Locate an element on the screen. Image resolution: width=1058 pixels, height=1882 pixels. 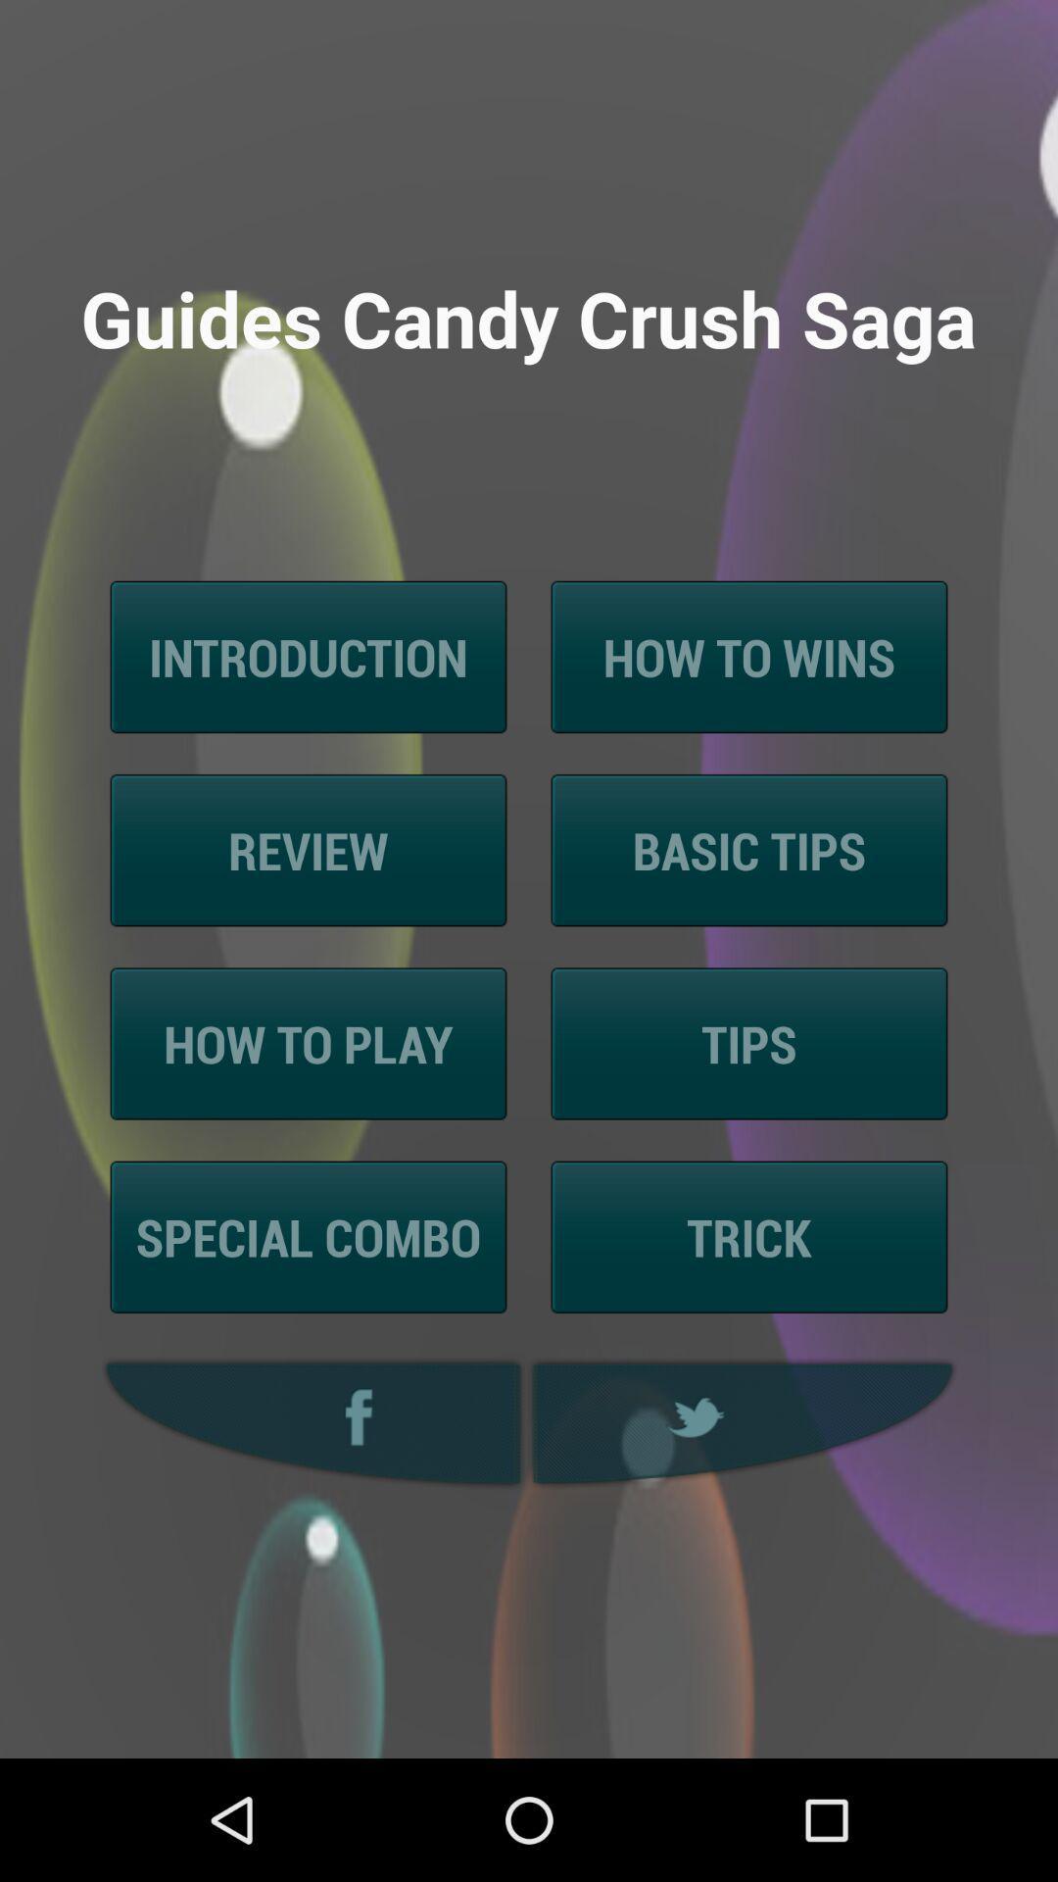
share to facebook is located at coordinates (308, 1423).